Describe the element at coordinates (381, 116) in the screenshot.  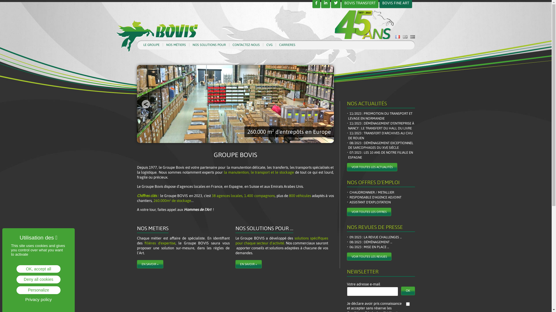
I see `'11/2023 : PROMOTION DU TRANSPORT ET LEVAGE EN NORMANDIE'` at that location.